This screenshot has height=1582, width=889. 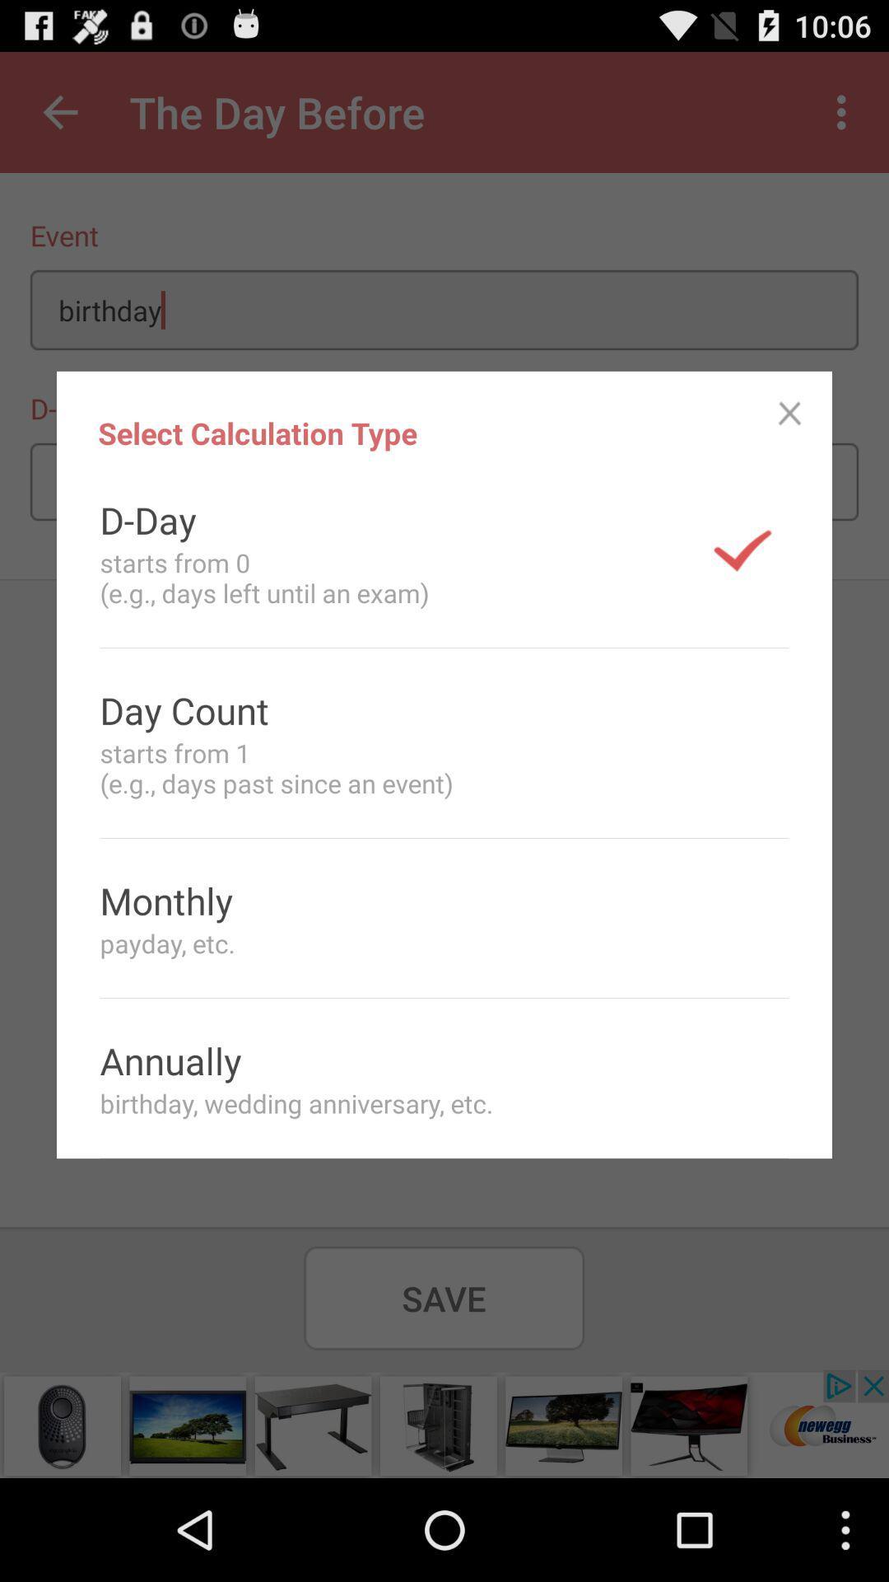 What do you see at coordinates (789, 414) in the screenshot?
I see `exit screen` at bounding box center [789, 414].